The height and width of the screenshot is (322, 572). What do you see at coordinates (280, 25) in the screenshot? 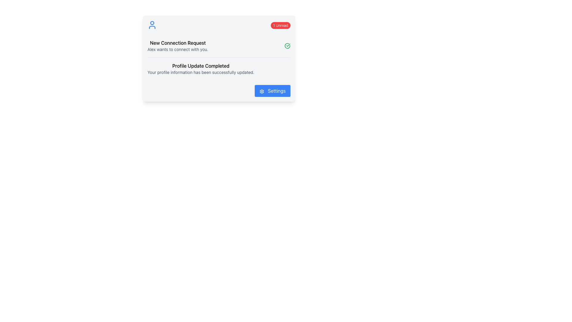
I see `the Notification Badge with red background and '1 Unread' text, located in the top-right corner of the card` at bounding box center [280, 25].